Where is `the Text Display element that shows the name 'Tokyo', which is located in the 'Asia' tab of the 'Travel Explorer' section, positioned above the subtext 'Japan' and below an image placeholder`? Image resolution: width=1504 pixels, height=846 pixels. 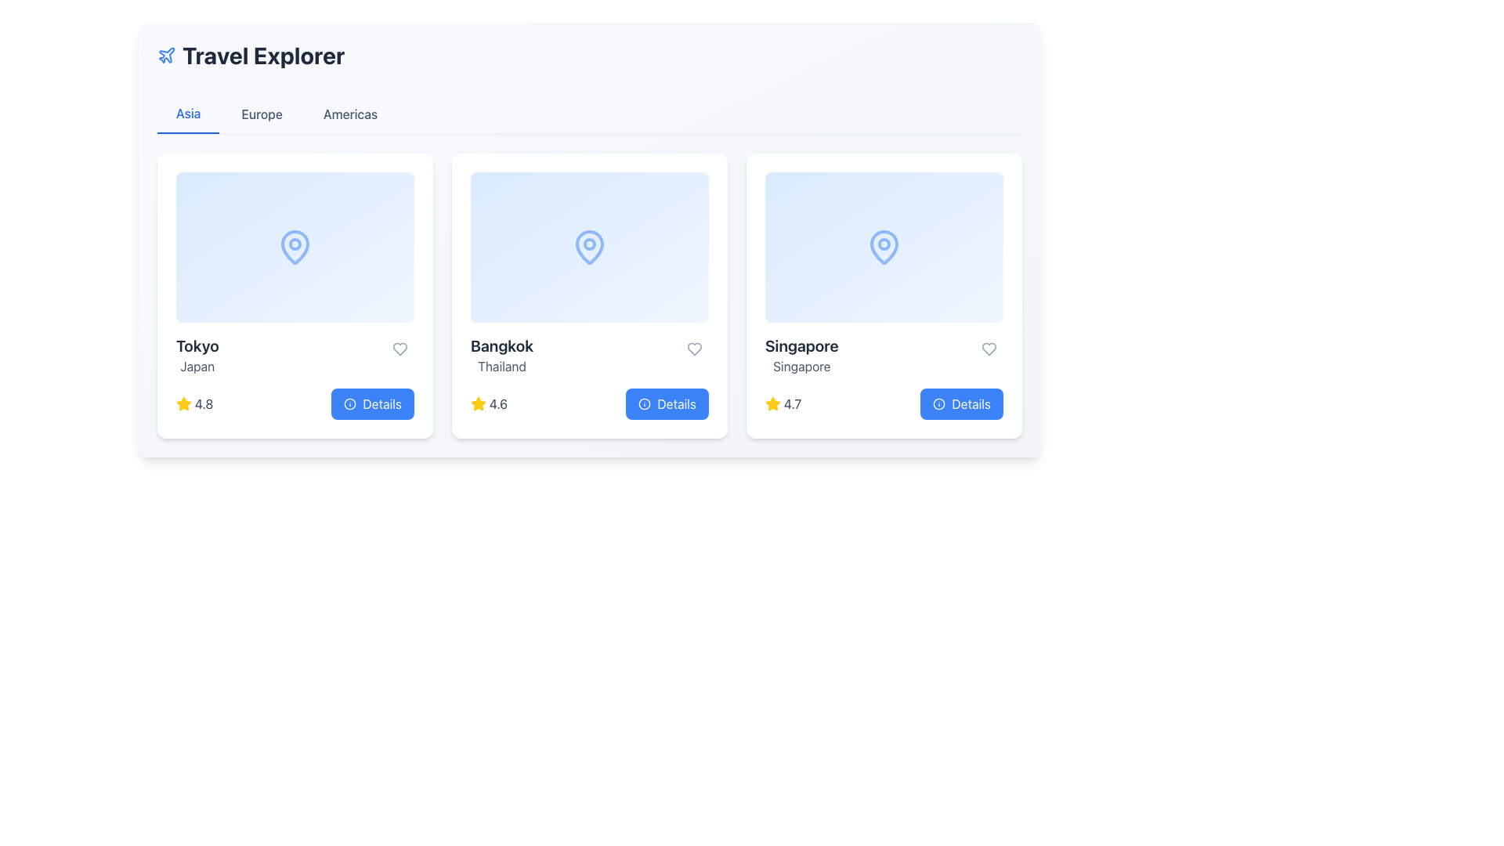 the Text Display element that shows the name 'Tokyo', which is located in the 'Asia' tab of the 'Travel Explorer' section, positioned above the subtext 'Japan' and below an image placeholder is located at coordinates (197, 345).